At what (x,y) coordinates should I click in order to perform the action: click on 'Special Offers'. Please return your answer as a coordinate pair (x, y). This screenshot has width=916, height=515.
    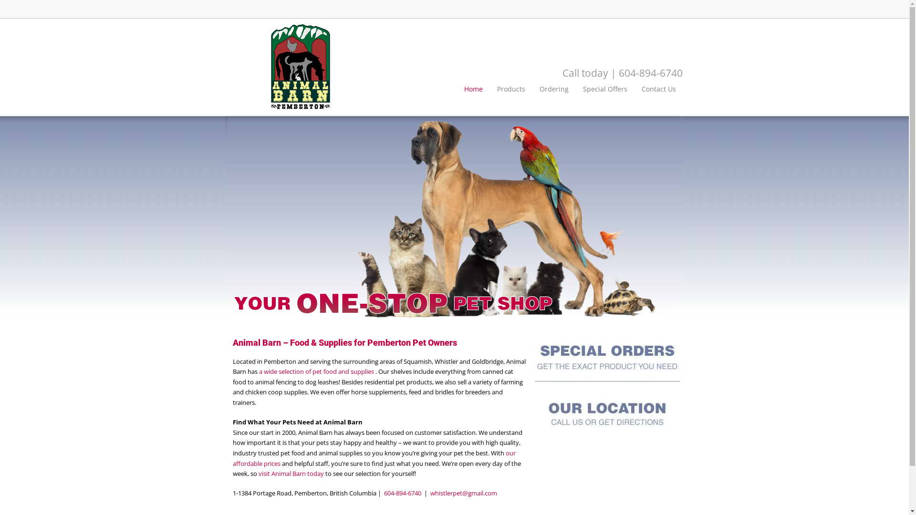
    Looking at the image, I should click on (604, 89).